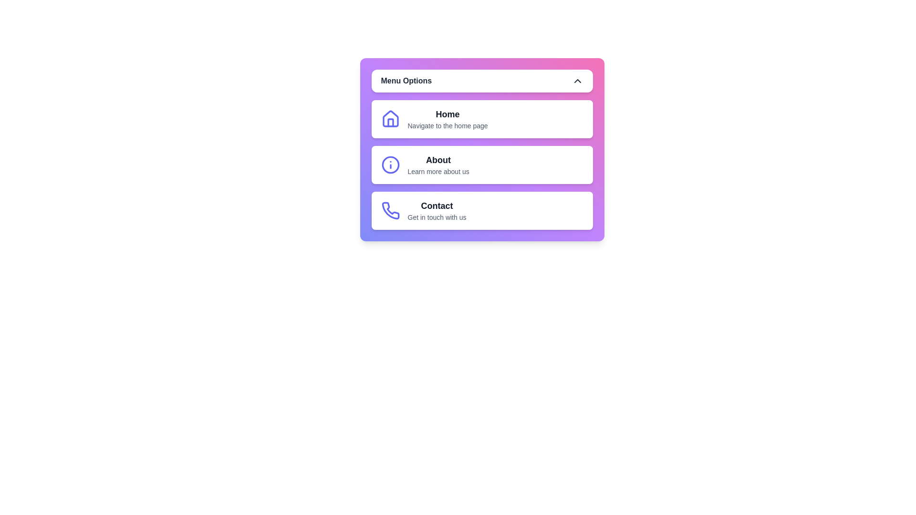 This screenshot has width=916, height=515. I want to click on the menu item About to view its hover effect, so click(482, 165).